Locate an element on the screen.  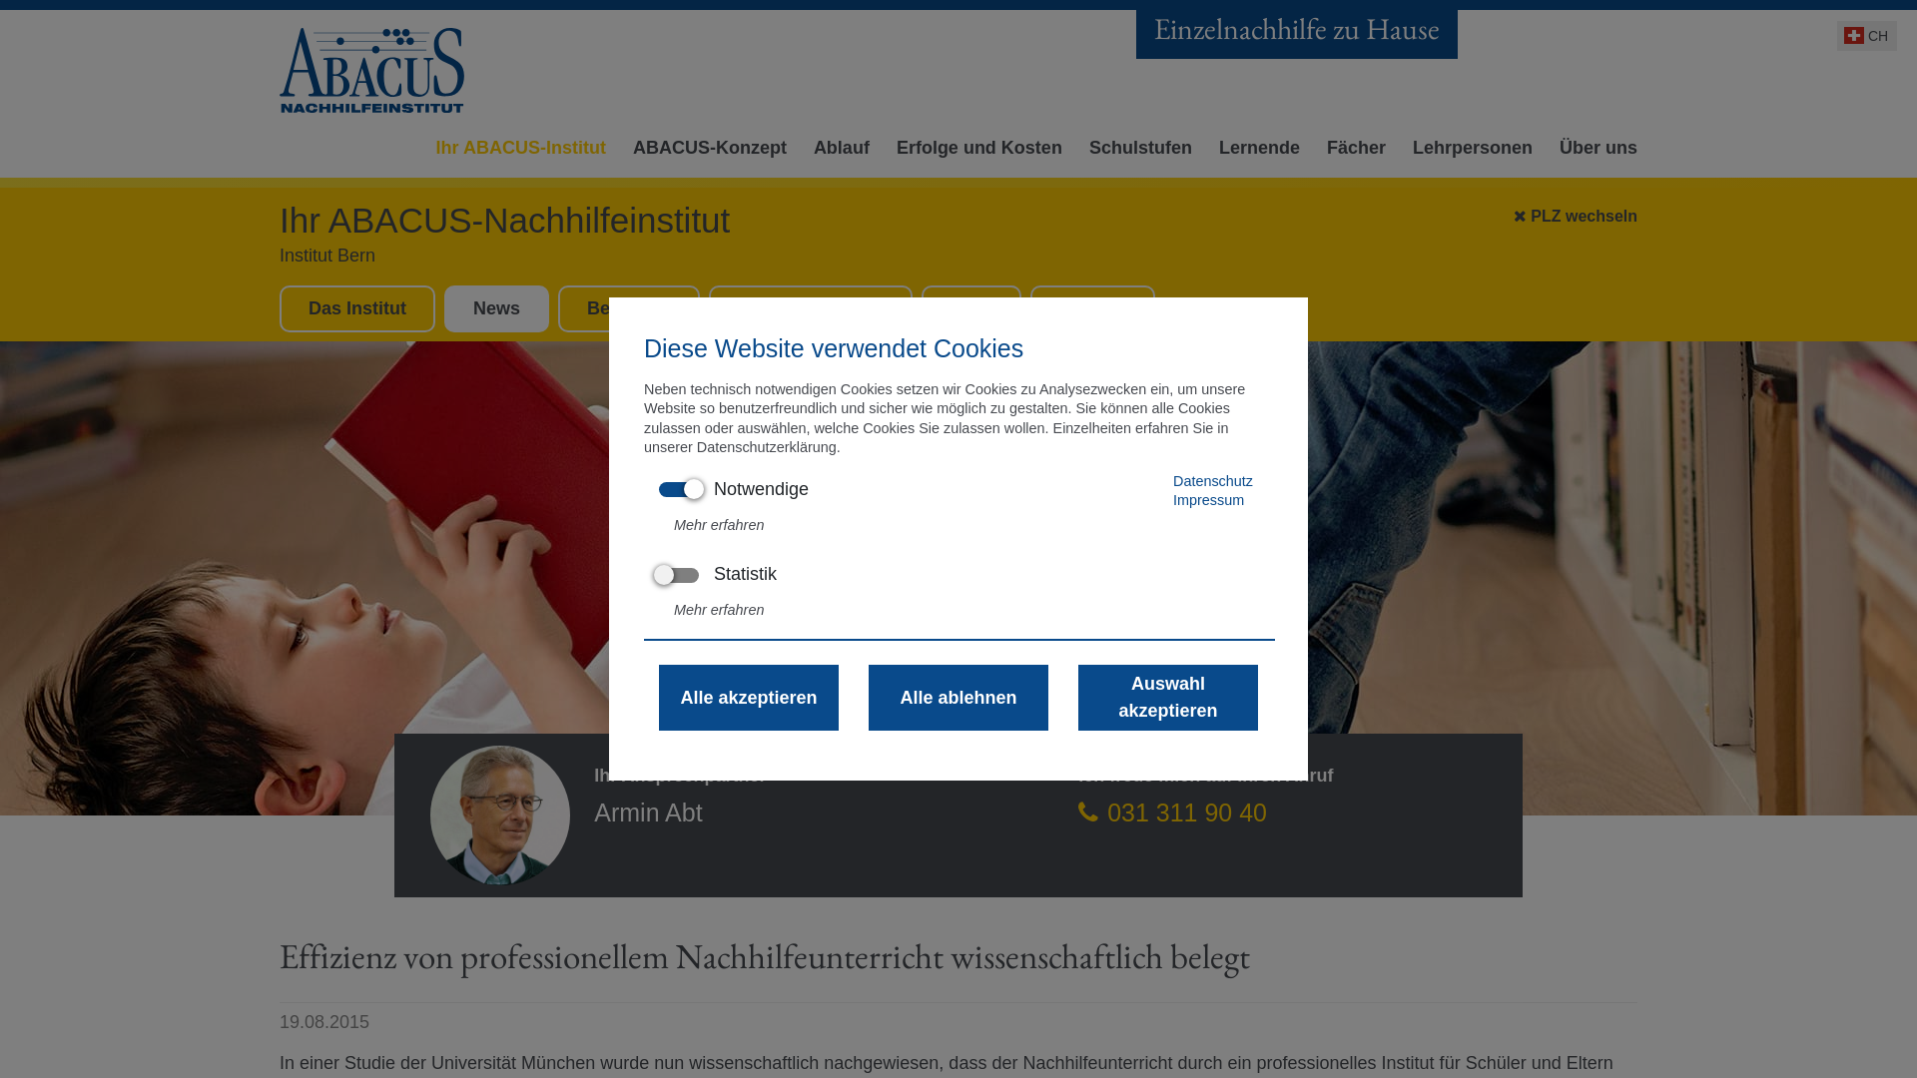
'ABACUS-Konzept' is located at coordinates (705, 153).